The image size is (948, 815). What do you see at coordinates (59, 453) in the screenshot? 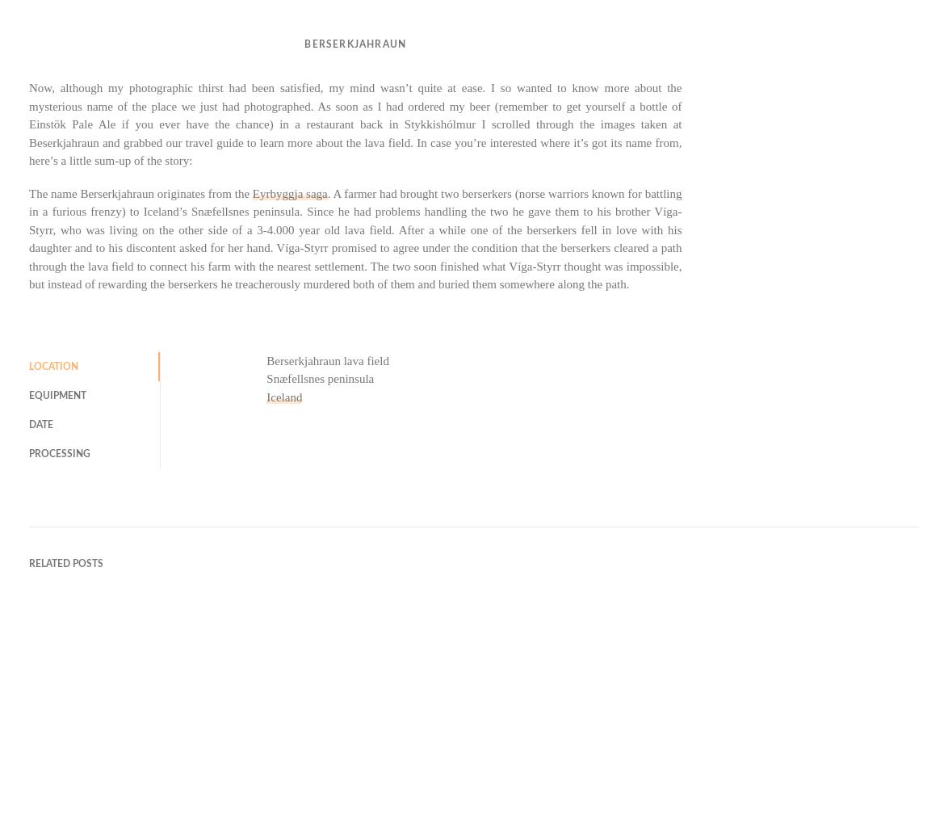
I see `'Processing'` at bounding box center [59, 453].